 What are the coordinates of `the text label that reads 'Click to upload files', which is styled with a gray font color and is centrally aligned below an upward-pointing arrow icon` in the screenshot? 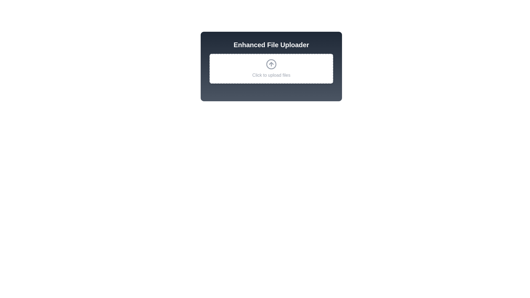 It's located at (271, 75).